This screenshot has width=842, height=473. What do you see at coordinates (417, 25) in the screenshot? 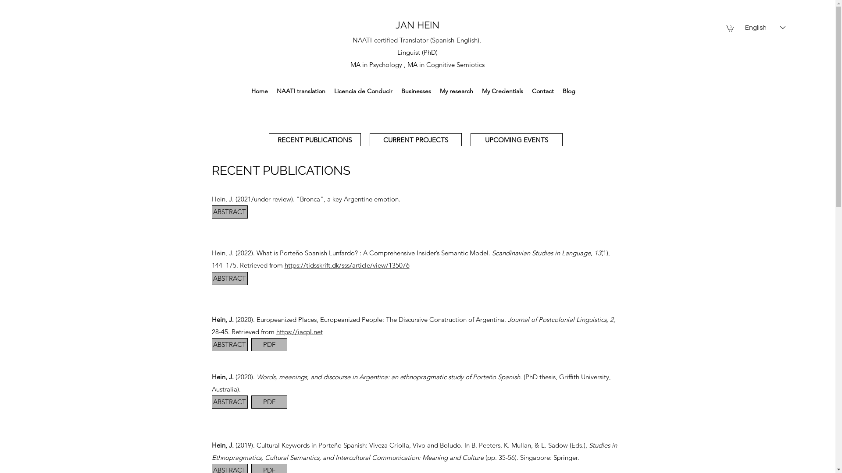
I see `'JAN HEIN'` at bounding box center [417, 25].